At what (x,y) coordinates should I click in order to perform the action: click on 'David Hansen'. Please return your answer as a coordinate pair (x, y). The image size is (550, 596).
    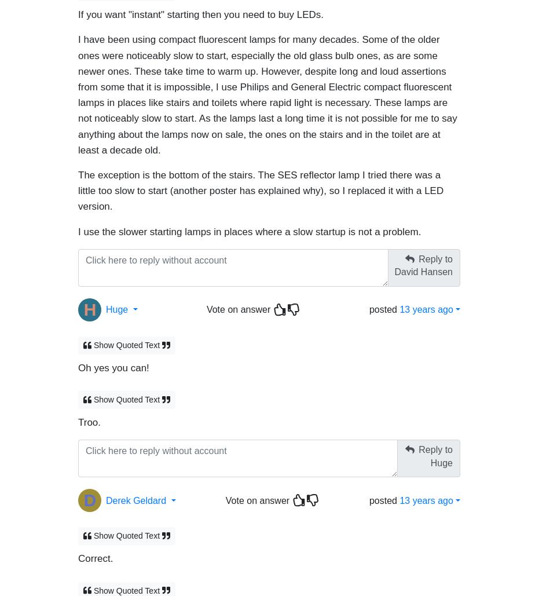
    Looking at the image, I should click on (423, 266).